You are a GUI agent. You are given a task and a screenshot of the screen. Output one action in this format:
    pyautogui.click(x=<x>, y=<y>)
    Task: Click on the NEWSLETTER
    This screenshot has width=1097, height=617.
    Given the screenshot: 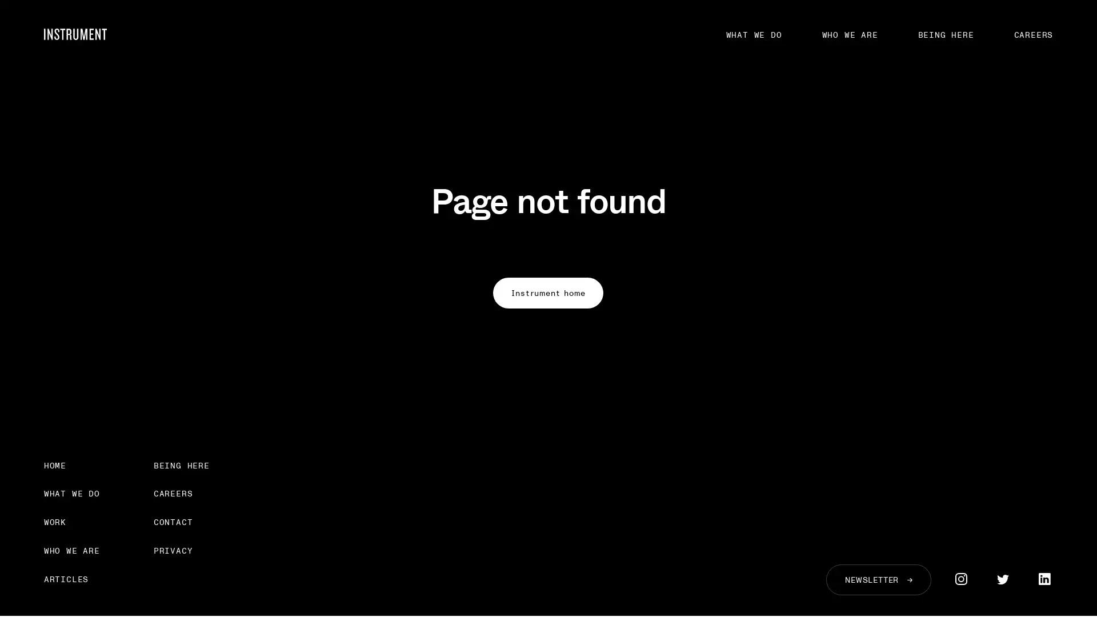 What is the action you would take?
    pyautogui.click(x=878, y=579)
    